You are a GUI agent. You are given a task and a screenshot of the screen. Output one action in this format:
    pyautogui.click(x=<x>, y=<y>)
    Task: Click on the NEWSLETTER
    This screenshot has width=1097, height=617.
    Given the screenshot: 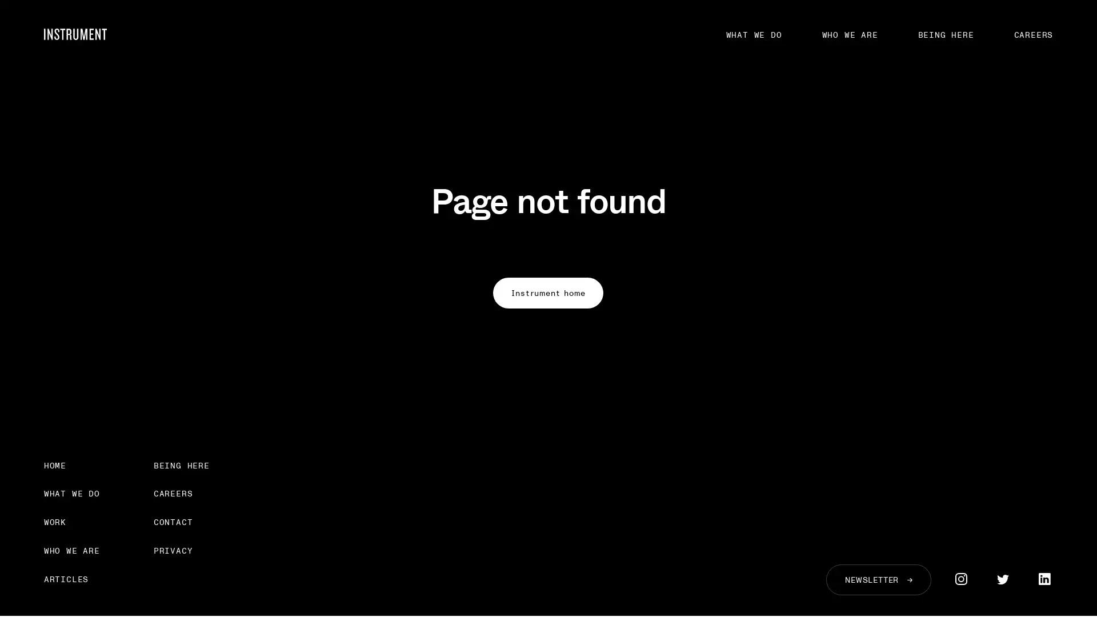 What is the action you would take?
    pyautogui.click(x=878, y=579)
    